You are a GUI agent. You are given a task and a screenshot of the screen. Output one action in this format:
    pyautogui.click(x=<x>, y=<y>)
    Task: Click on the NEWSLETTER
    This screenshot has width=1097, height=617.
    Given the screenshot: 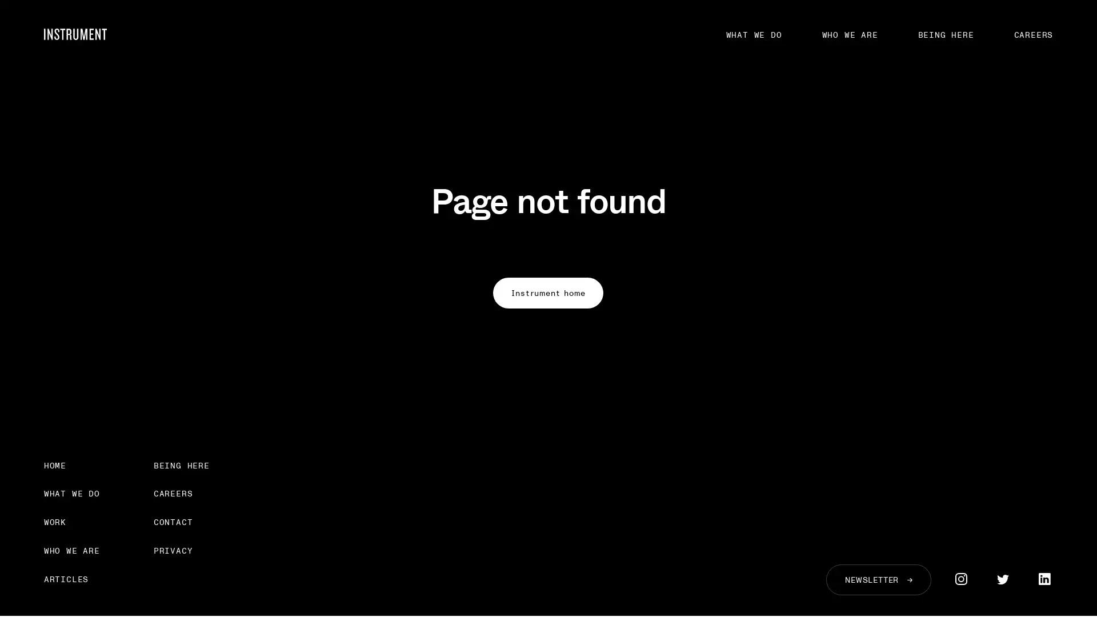 What is the action you would take?
    pyautogui.click(x=878, y=579)
    